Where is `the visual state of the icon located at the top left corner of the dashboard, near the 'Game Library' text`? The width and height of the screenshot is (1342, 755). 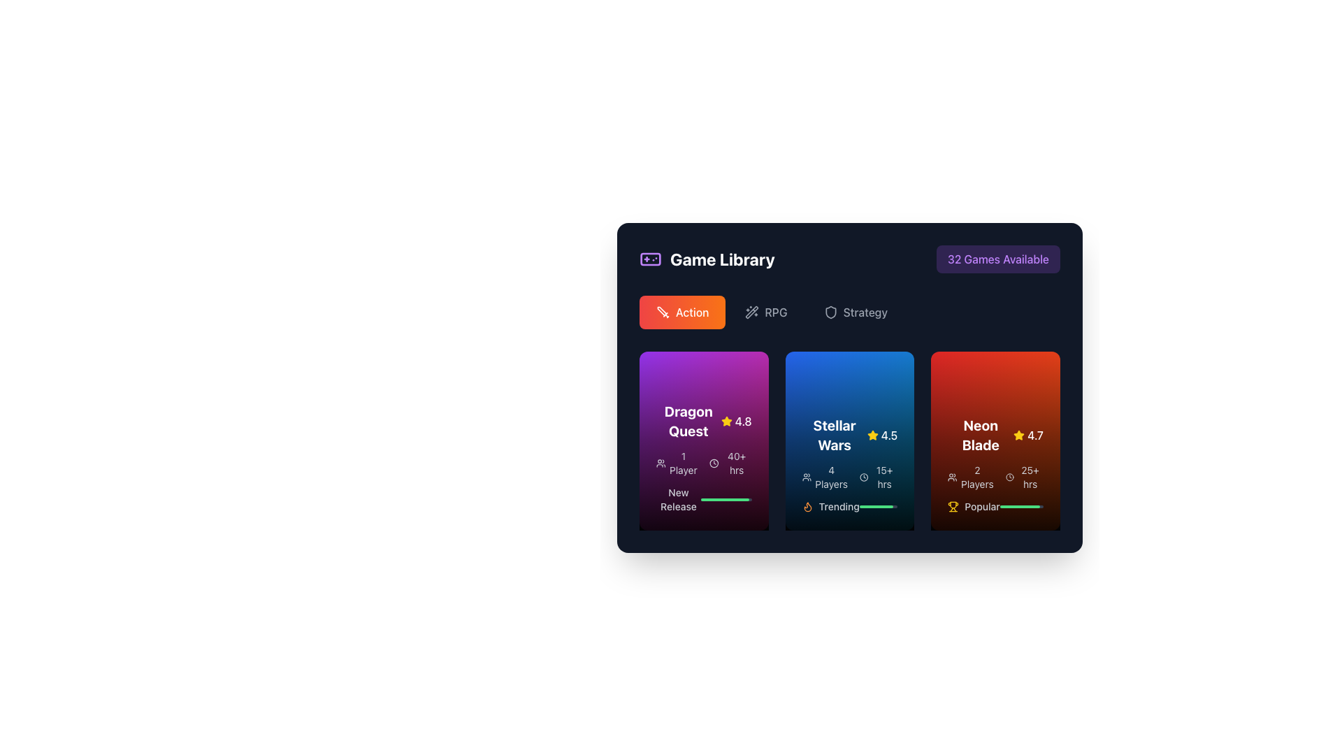
the visual state of the icon located at the top left corner of the dashboard, near the 'Game Library' text is located at coordinates (830, 312).